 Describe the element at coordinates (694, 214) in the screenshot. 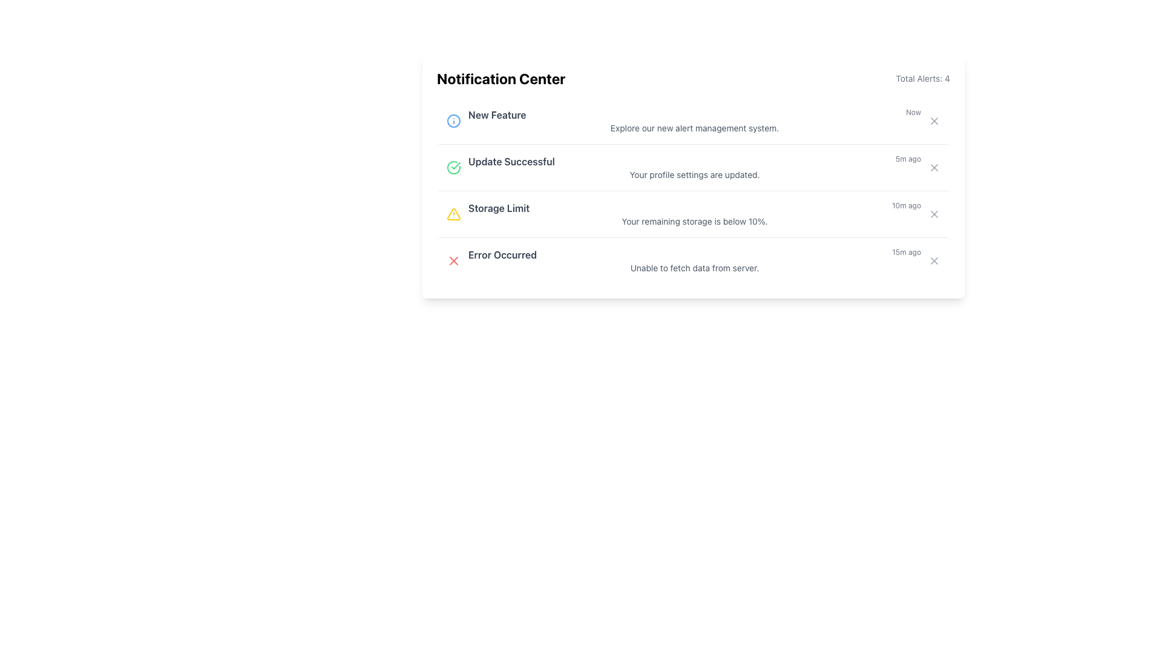

I see `the 'Storage Limit' notification message to interact with it as it is styled as a button` at that location.